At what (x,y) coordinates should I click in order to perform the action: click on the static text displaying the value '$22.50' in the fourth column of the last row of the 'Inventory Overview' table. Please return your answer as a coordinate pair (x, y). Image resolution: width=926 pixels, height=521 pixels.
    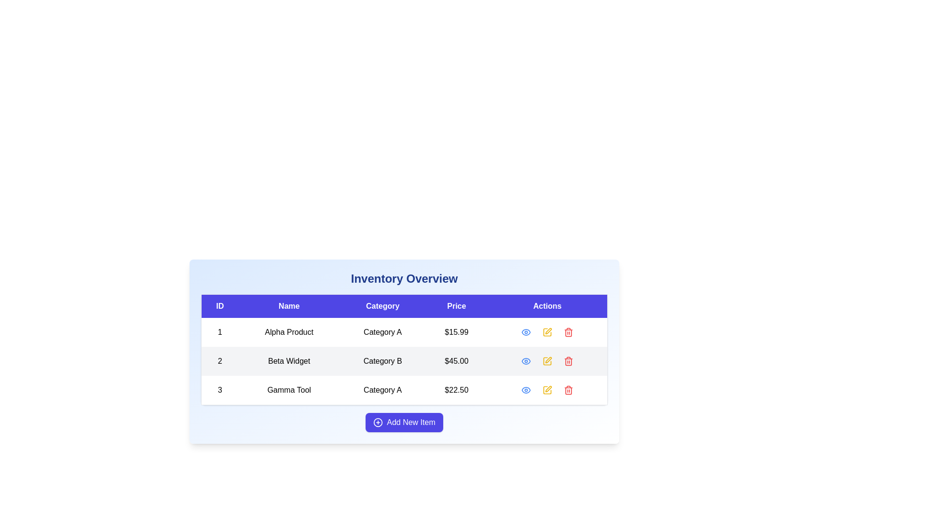
    Looking at the image, I should click on (456, 390).